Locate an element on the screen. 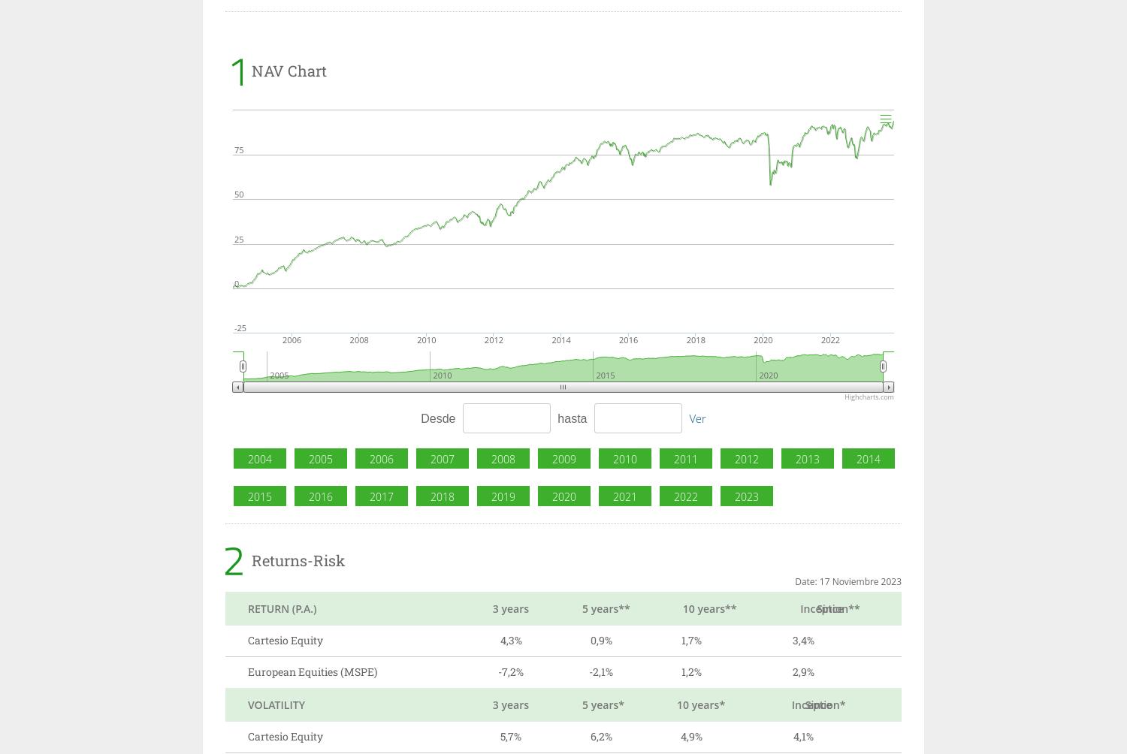 This screenshot has width=1127, height=754. 'Returns-Risk' is located at coordinates (298, 559).